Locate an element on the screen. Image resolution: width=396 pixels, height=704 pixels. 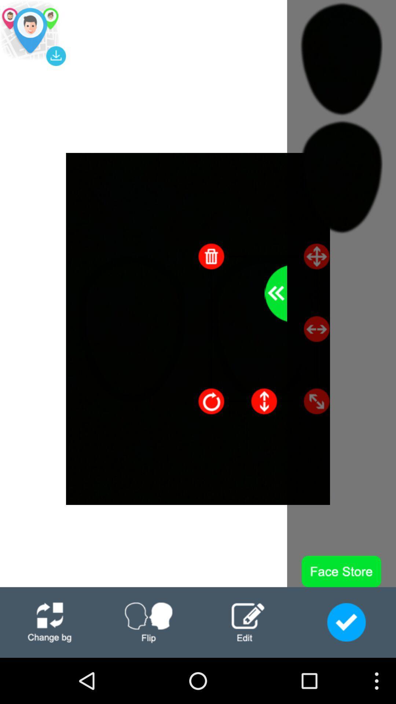
the location icon is located at coordinates (32, 35).